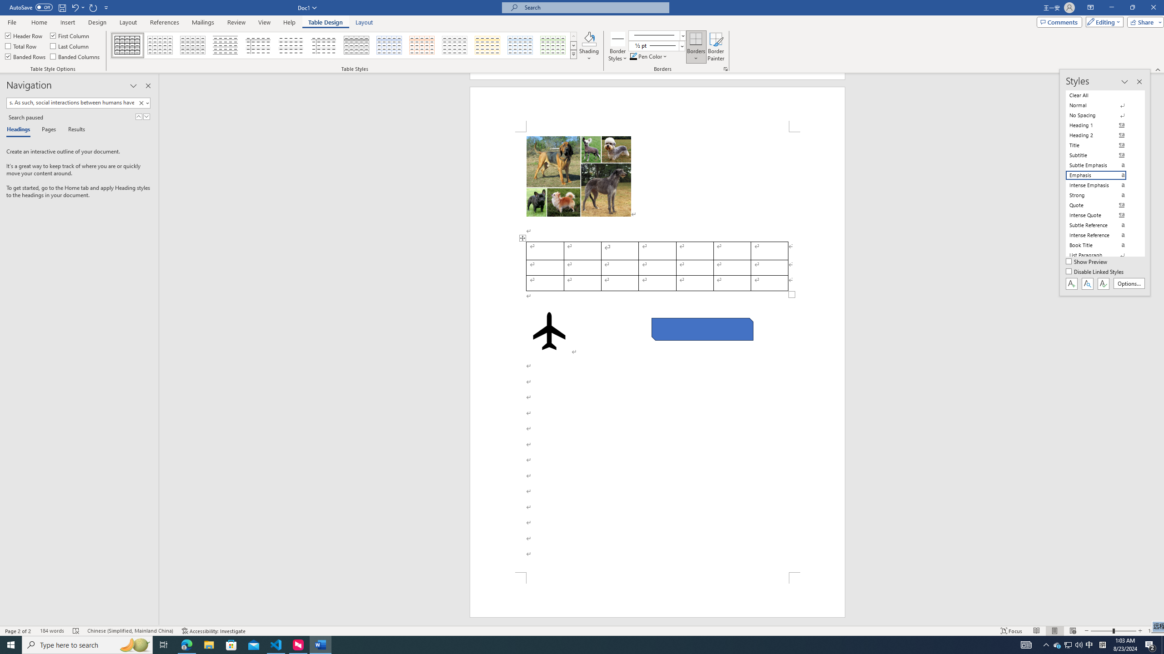 The height and width of the screenshot is (654, 1164). I want to click on 'Border Styles', so click(617, 47).